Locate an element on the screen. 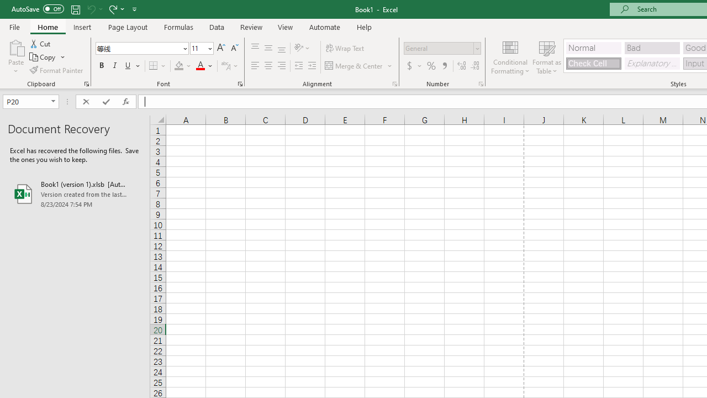 This screenshot has width=707, height=398. 'Format Painter' is located at coordinates (56, 70).